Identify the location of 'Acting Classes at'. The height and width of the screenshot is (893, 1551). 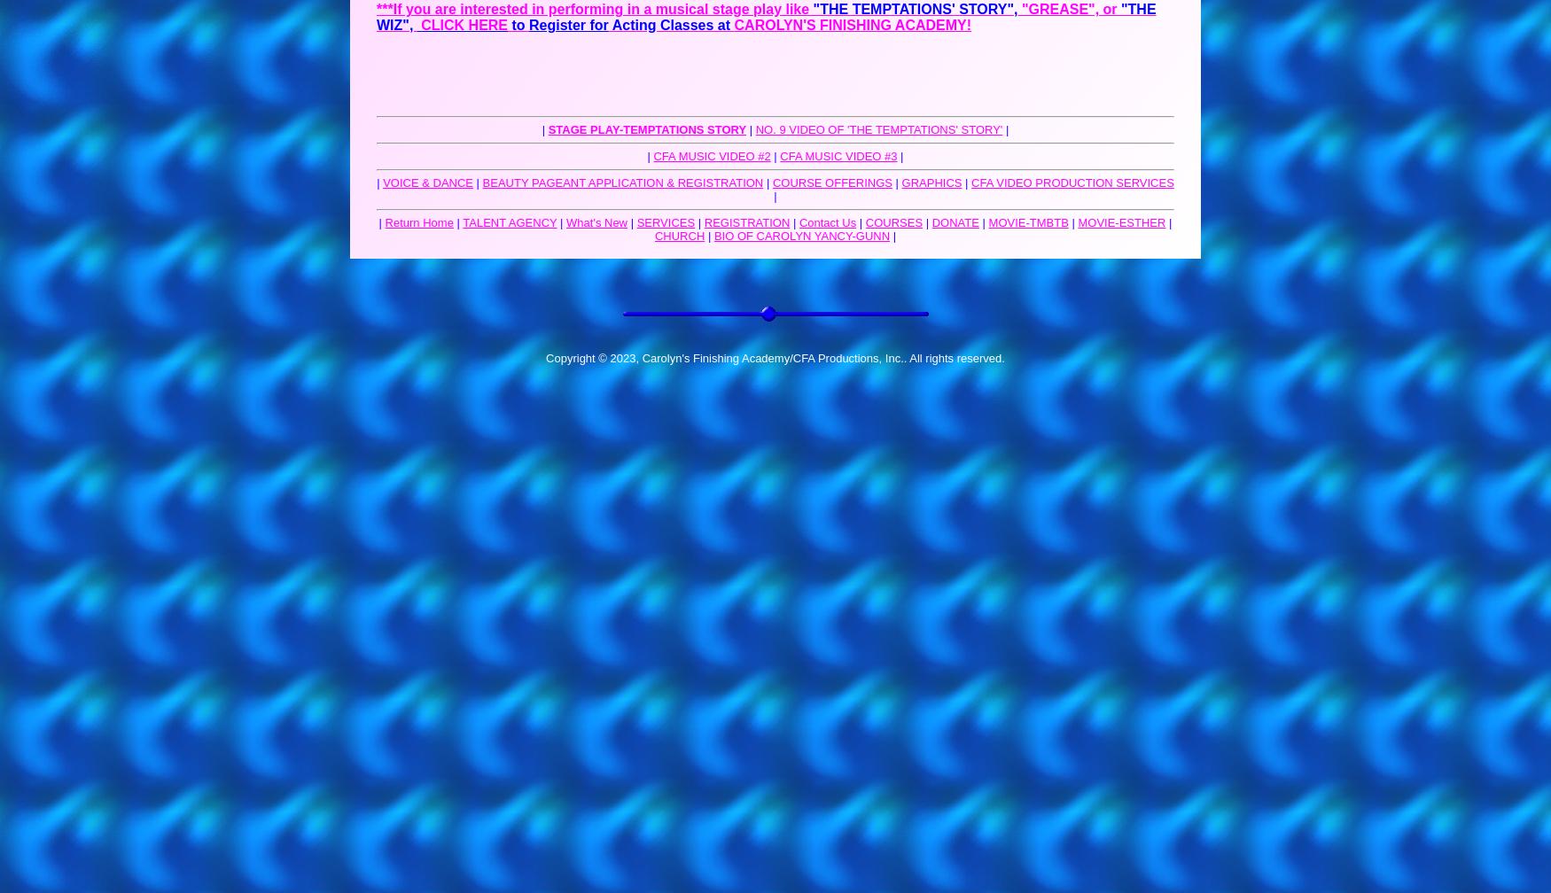
(607, 25).